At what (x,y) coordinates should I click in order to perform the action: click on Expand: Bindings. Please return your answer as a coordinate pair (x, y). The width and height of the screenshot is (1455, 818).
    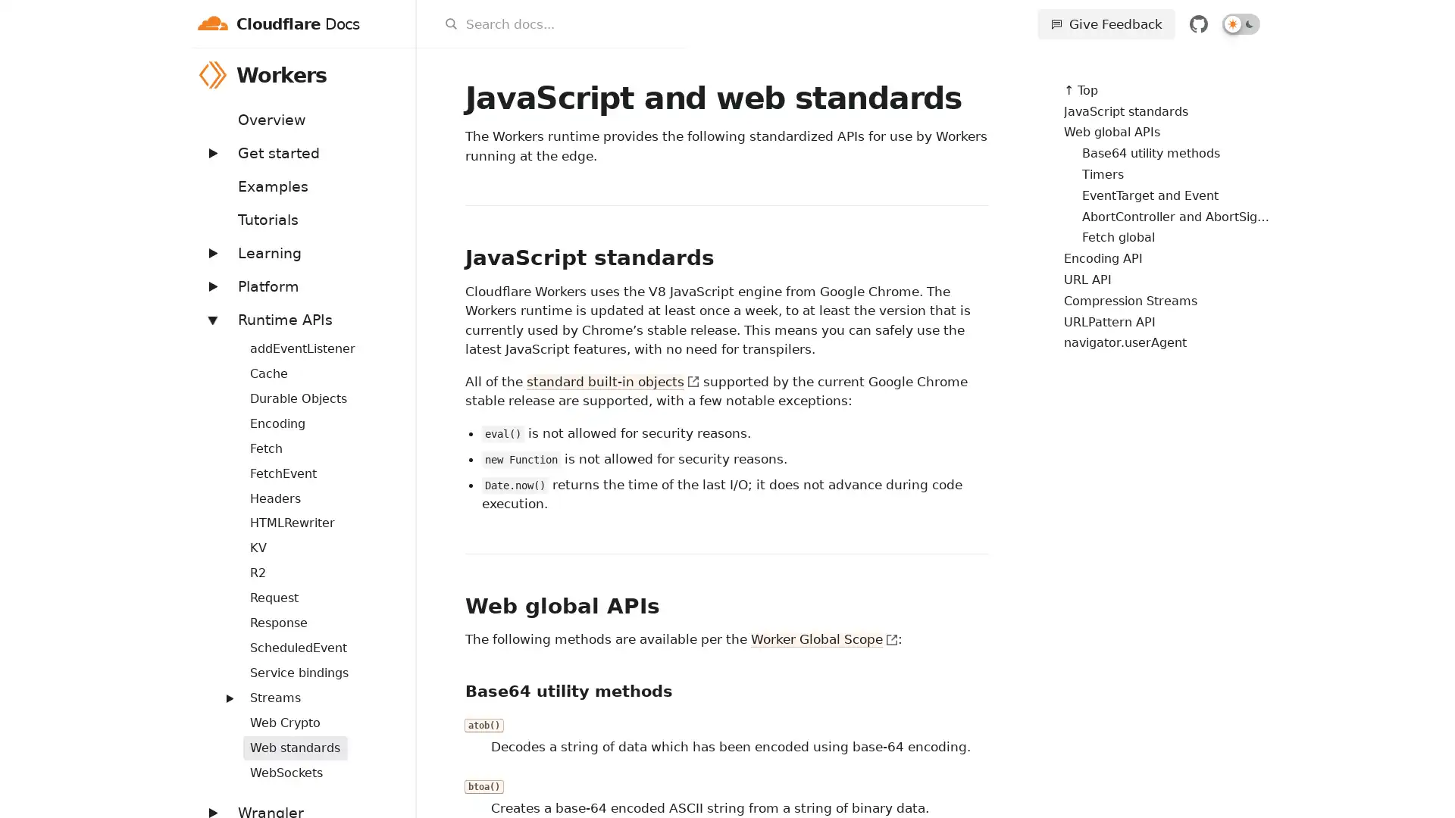
    Looking at the image, I should click on (221, 339).